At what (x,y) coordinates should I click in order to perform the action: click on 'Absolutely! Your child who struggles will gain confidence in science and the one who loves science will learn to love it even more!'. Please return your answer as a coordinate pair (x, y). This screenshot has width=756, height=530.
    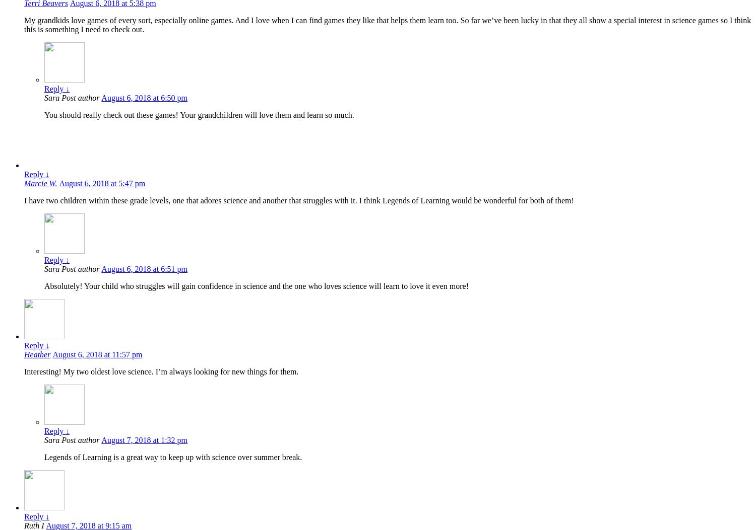
    Looking at the image, I should click on (256, 285).